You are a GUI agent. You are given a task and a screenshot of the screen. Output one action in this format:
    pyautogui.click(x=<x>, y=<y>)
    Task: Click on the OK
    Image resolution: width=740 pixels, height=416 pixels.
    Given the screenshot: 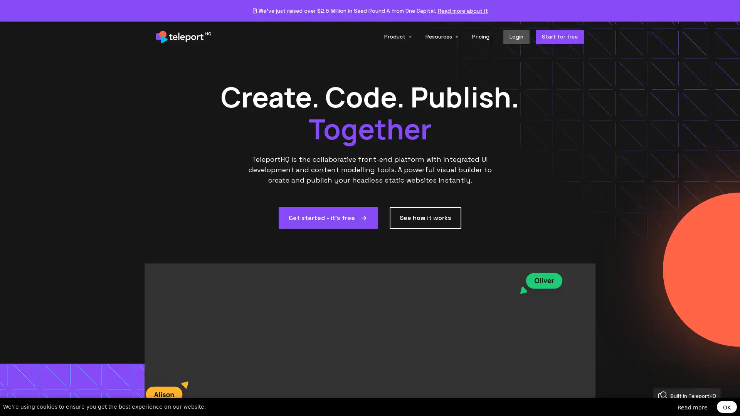 What is the action you would take?
    pyautogui.click(x=727, y=406)
    